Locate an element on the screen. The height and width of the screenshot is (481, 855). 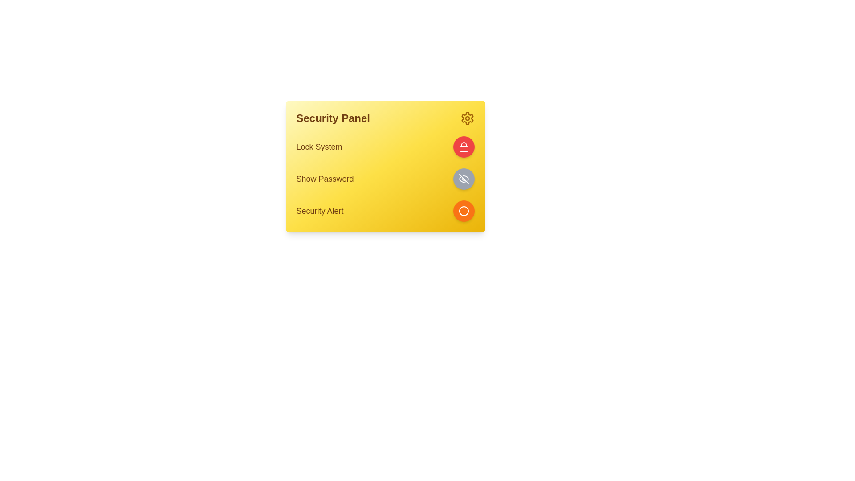
the circular toggle button with a gray background and crossed-out eye icon, located to the right of the 'Show Password' label in the 'Security Panel' is located at coordinates (463, 179).